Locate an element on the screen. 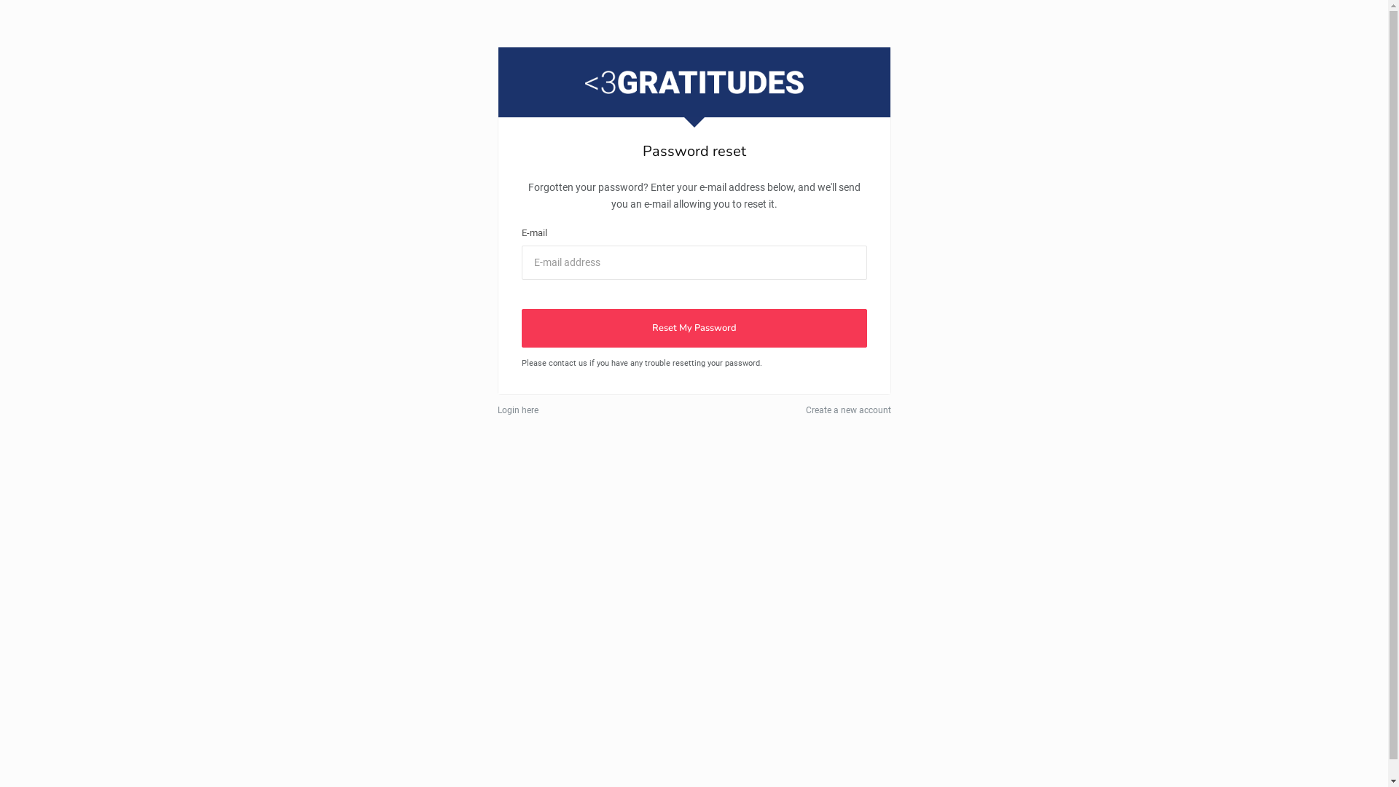 Image resolution: width=1399 pixels, height=787 pixels. 'Login here' is located at coordinates (496, 410).